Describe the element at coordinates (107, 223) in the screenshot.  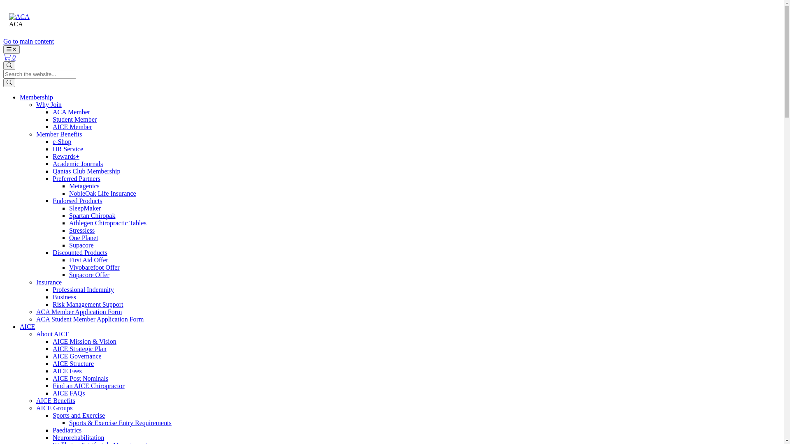
I see `'Athlegen Chiropractic Tables'` at that location.